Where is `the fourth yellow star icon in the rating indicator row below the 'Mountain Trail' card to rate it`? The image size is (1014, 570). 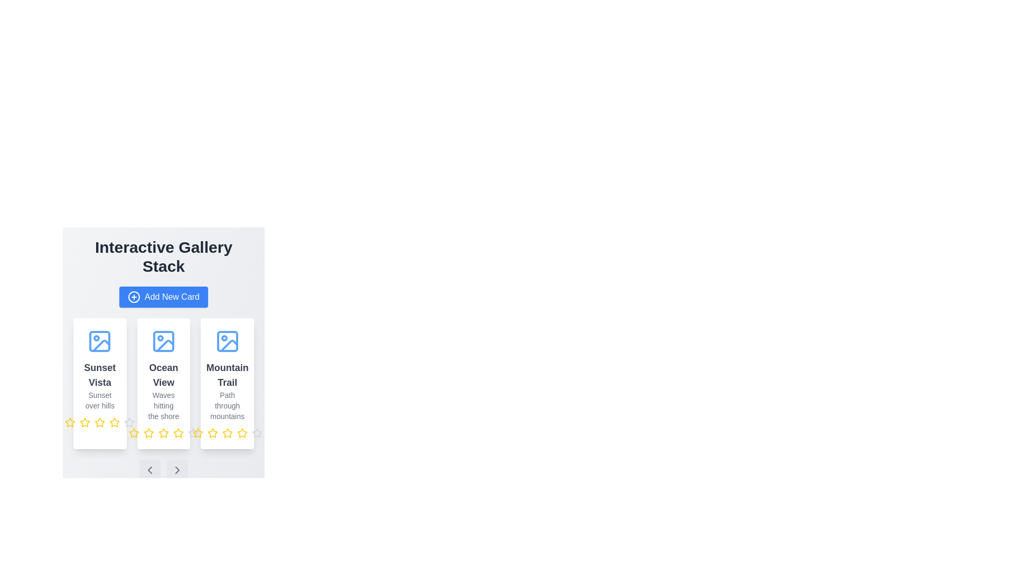
the fourth yellow star icon in the rating indicator row below the 'Mountain Trail' card to rate it is located at coordinates (198, 433).